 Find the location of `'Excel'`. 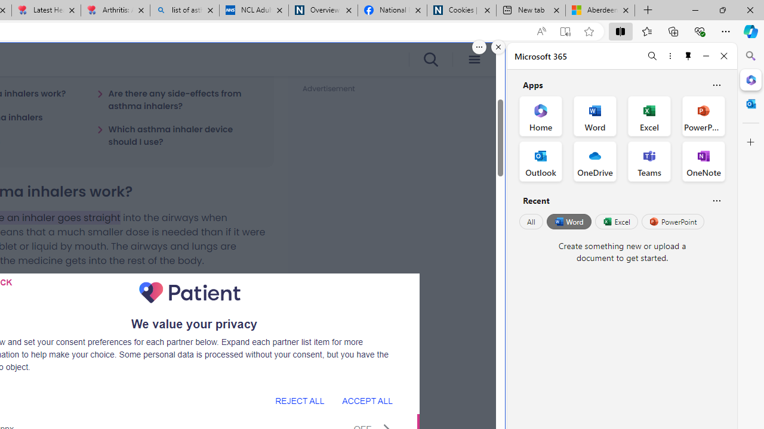

'Excel' is located at coordinates (616, 222).